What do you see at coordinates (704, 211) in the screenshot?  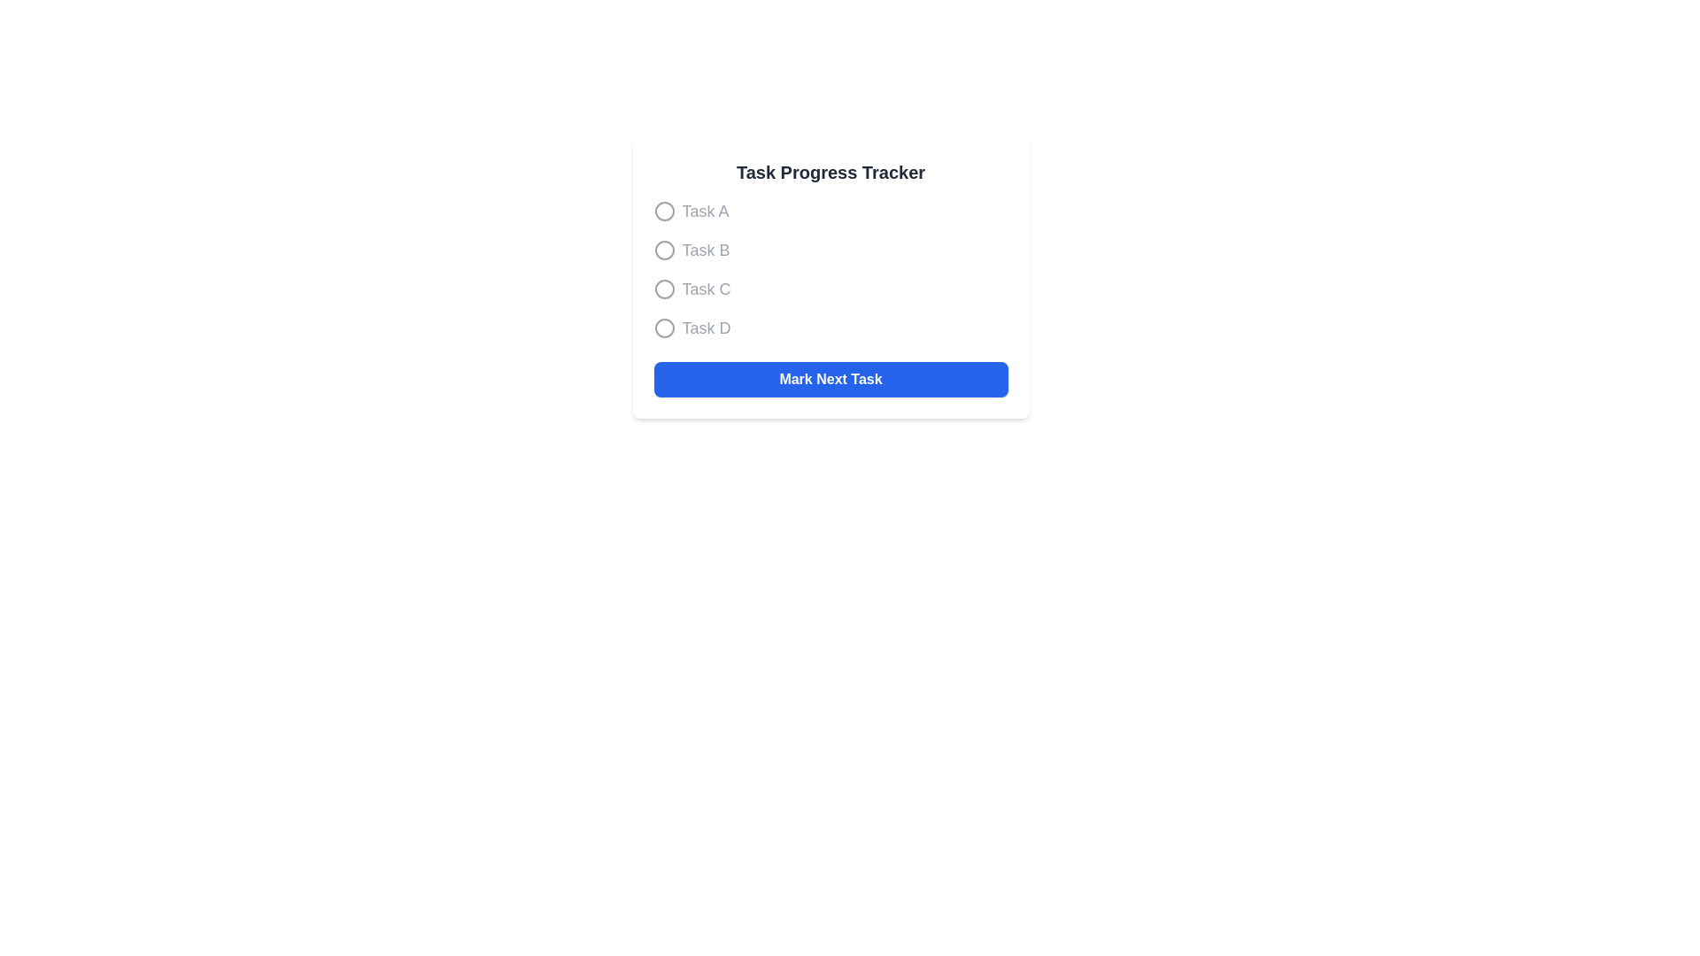 I see `the text label 'Task A' which is styled in a large font size and light gray color, located in the first option of a vertical task list` at bounding box center [704, 211].